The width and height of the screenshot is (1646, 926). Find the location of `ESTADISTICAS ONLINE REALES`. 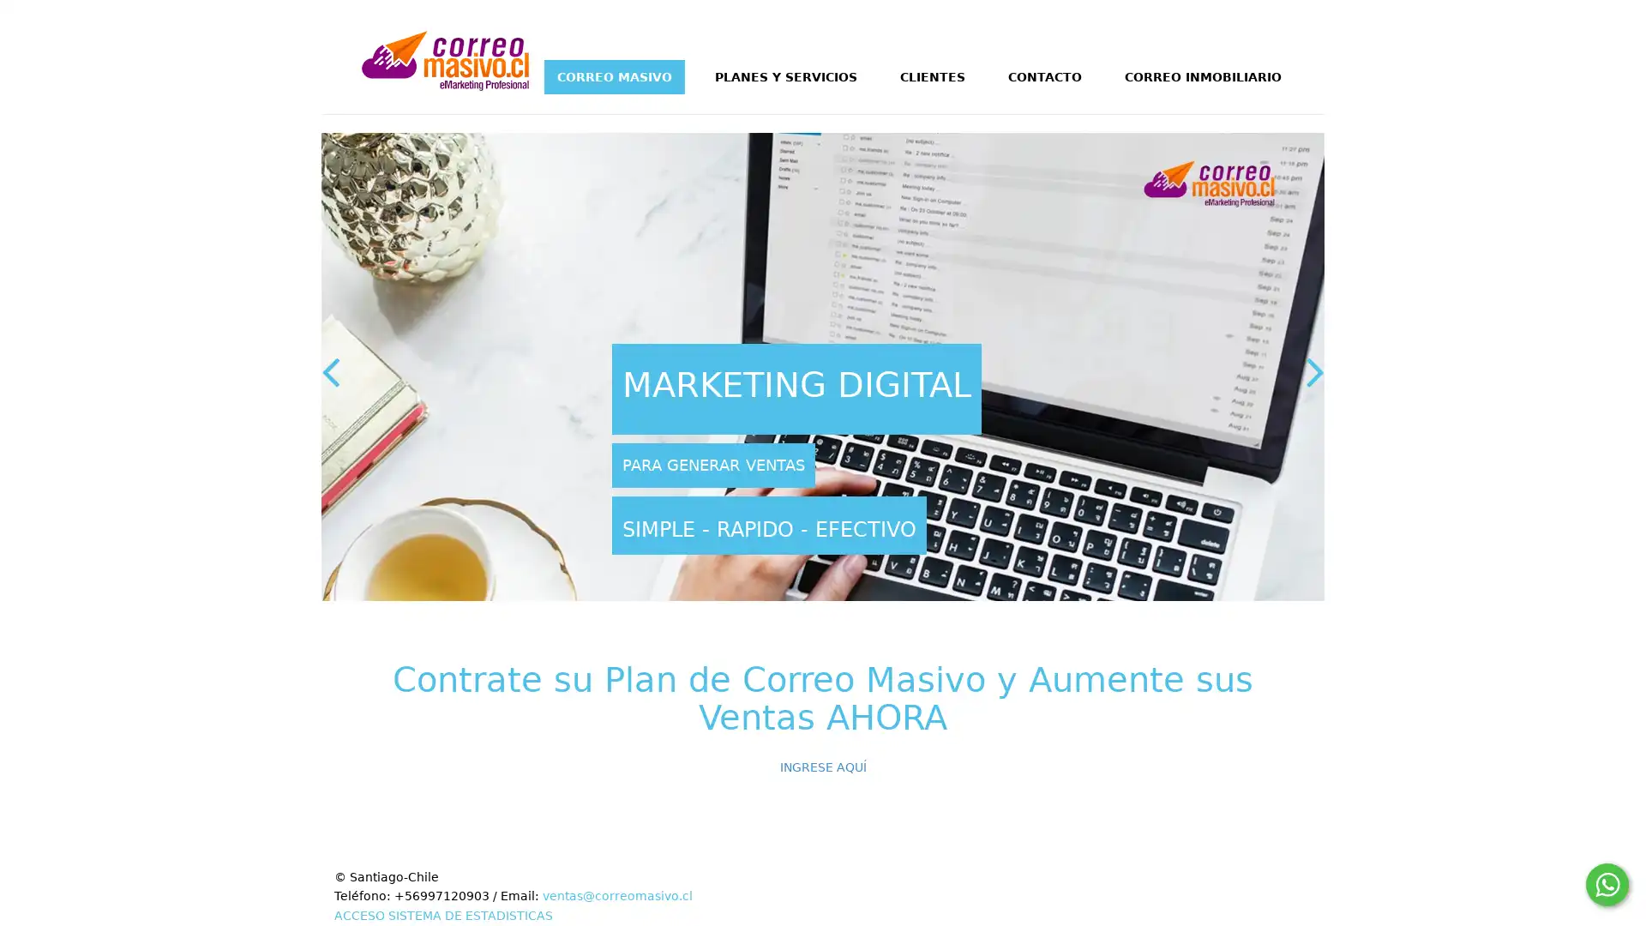

ESTADISTICAS ONLINE REALES is located at coordinates (884, 389).